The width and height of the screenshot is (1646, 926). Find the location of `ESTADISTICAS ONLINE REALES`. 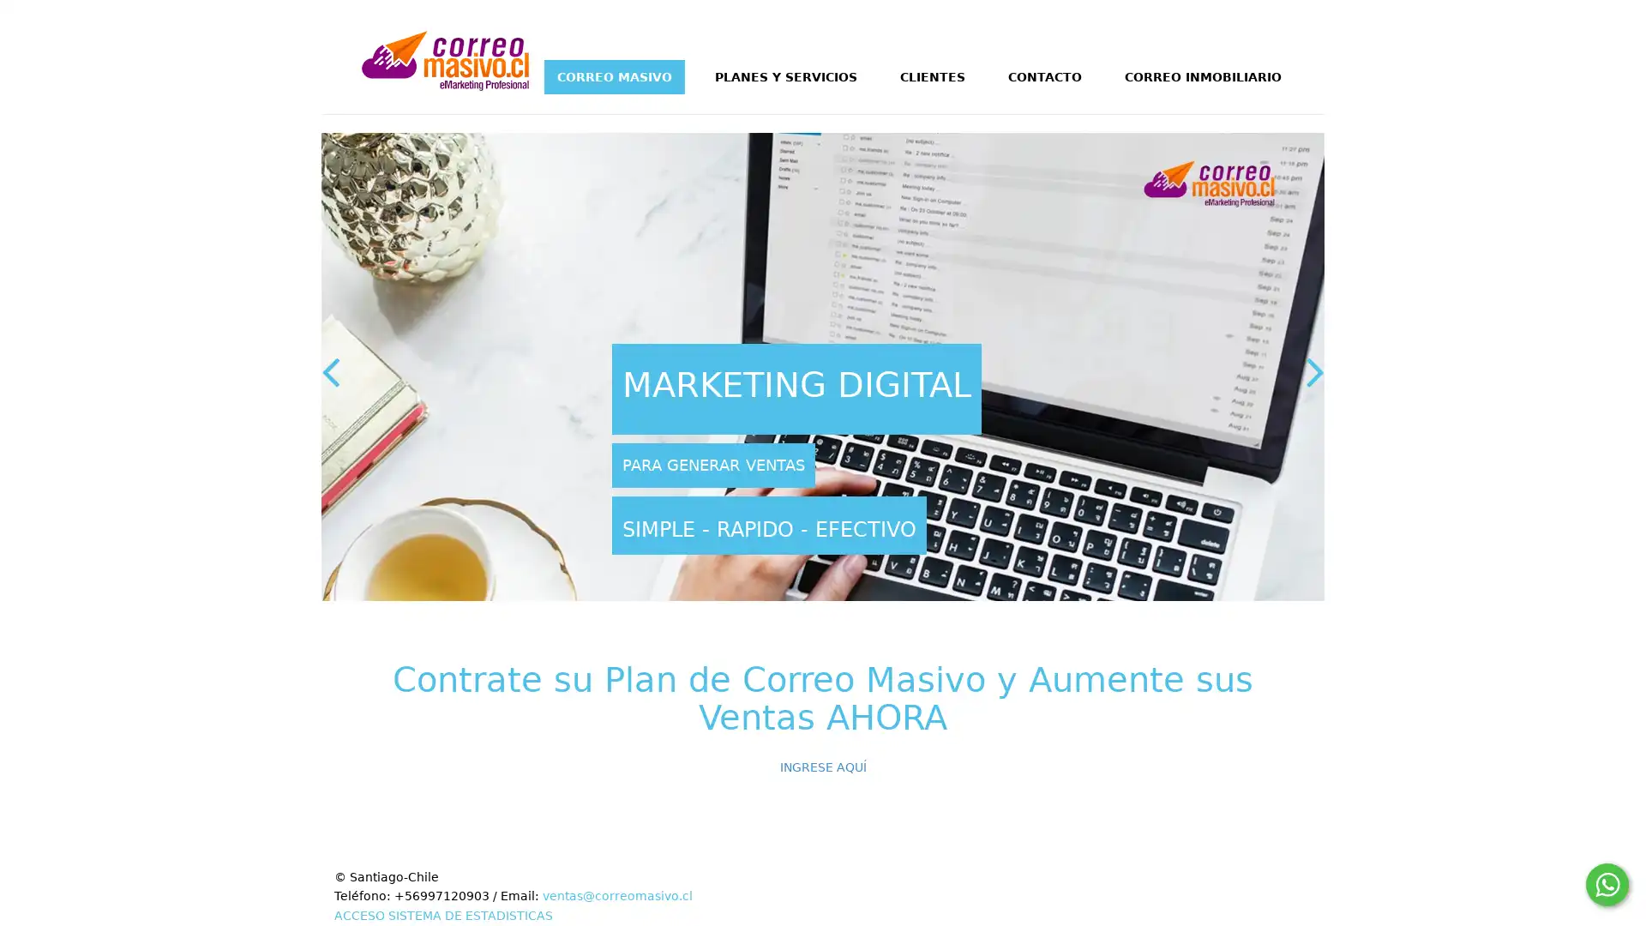

ESTADISTICAS ONLINE REALES is located at coordinates (884, 389).